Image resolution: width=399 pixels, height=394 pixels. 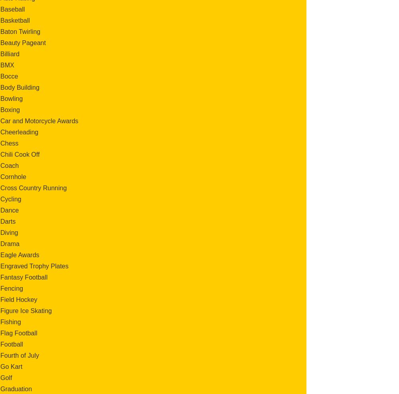 I want to click on 'Cheerleading', so click(x=0, y=132).